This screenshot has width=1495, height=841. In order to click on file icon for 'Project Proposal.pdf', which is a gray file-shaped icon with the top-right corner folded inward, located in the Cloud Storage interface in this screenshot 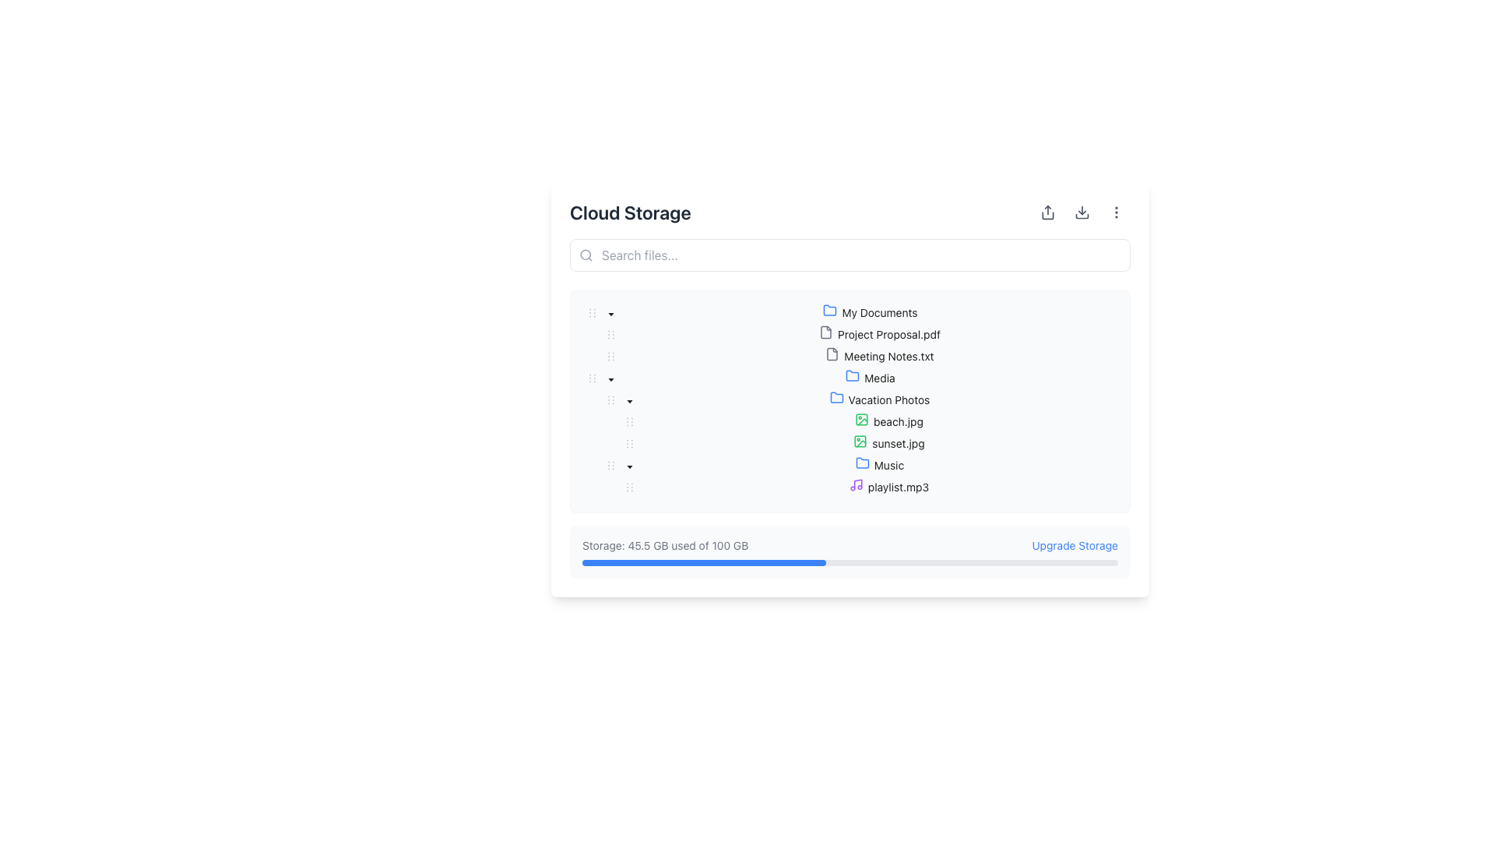, I will do `click(825, 332)`.